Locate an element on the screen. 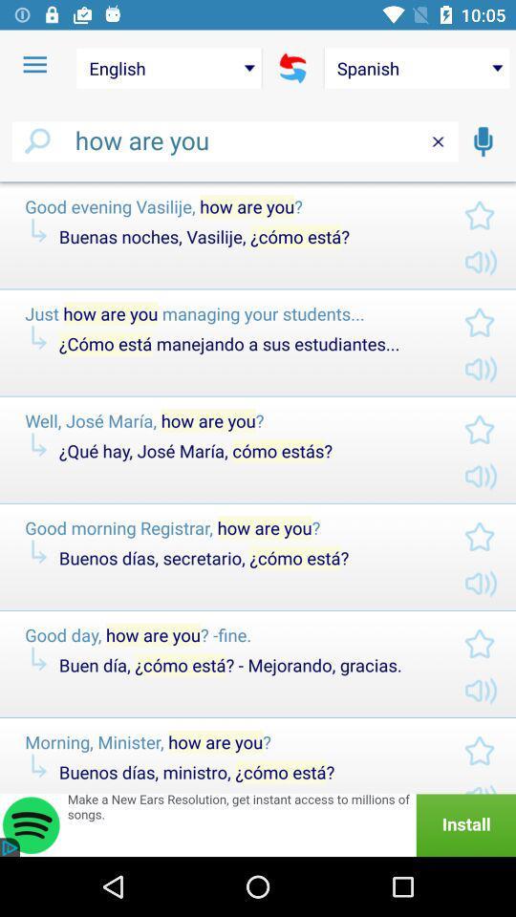  volume icon in the first text box is located at coordinates (464, 263).